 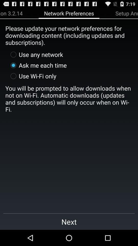 What do you see at coordinates (11, 13) in the screenshot?
I see `icon to the left of network preferences icon` at bounding box center [11, 13].